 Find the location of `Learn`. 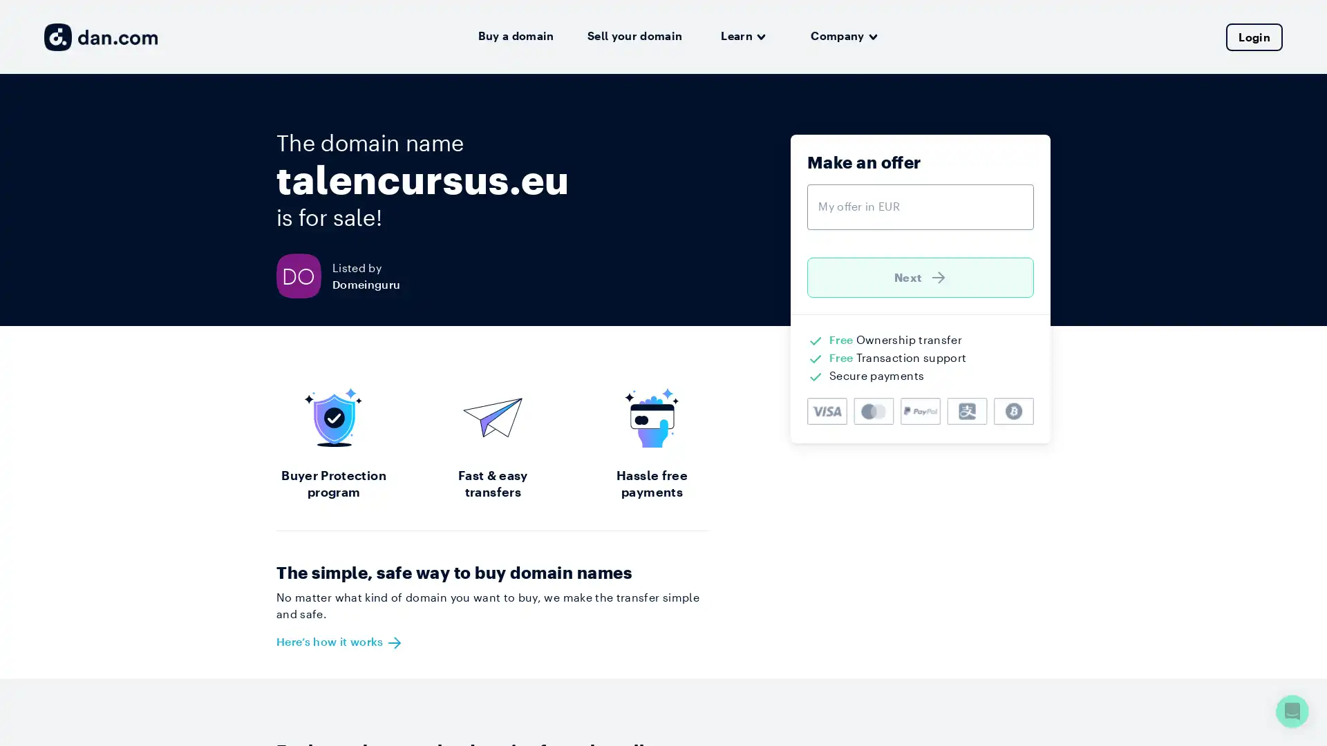

Learn is located at coordinates (742, 36).